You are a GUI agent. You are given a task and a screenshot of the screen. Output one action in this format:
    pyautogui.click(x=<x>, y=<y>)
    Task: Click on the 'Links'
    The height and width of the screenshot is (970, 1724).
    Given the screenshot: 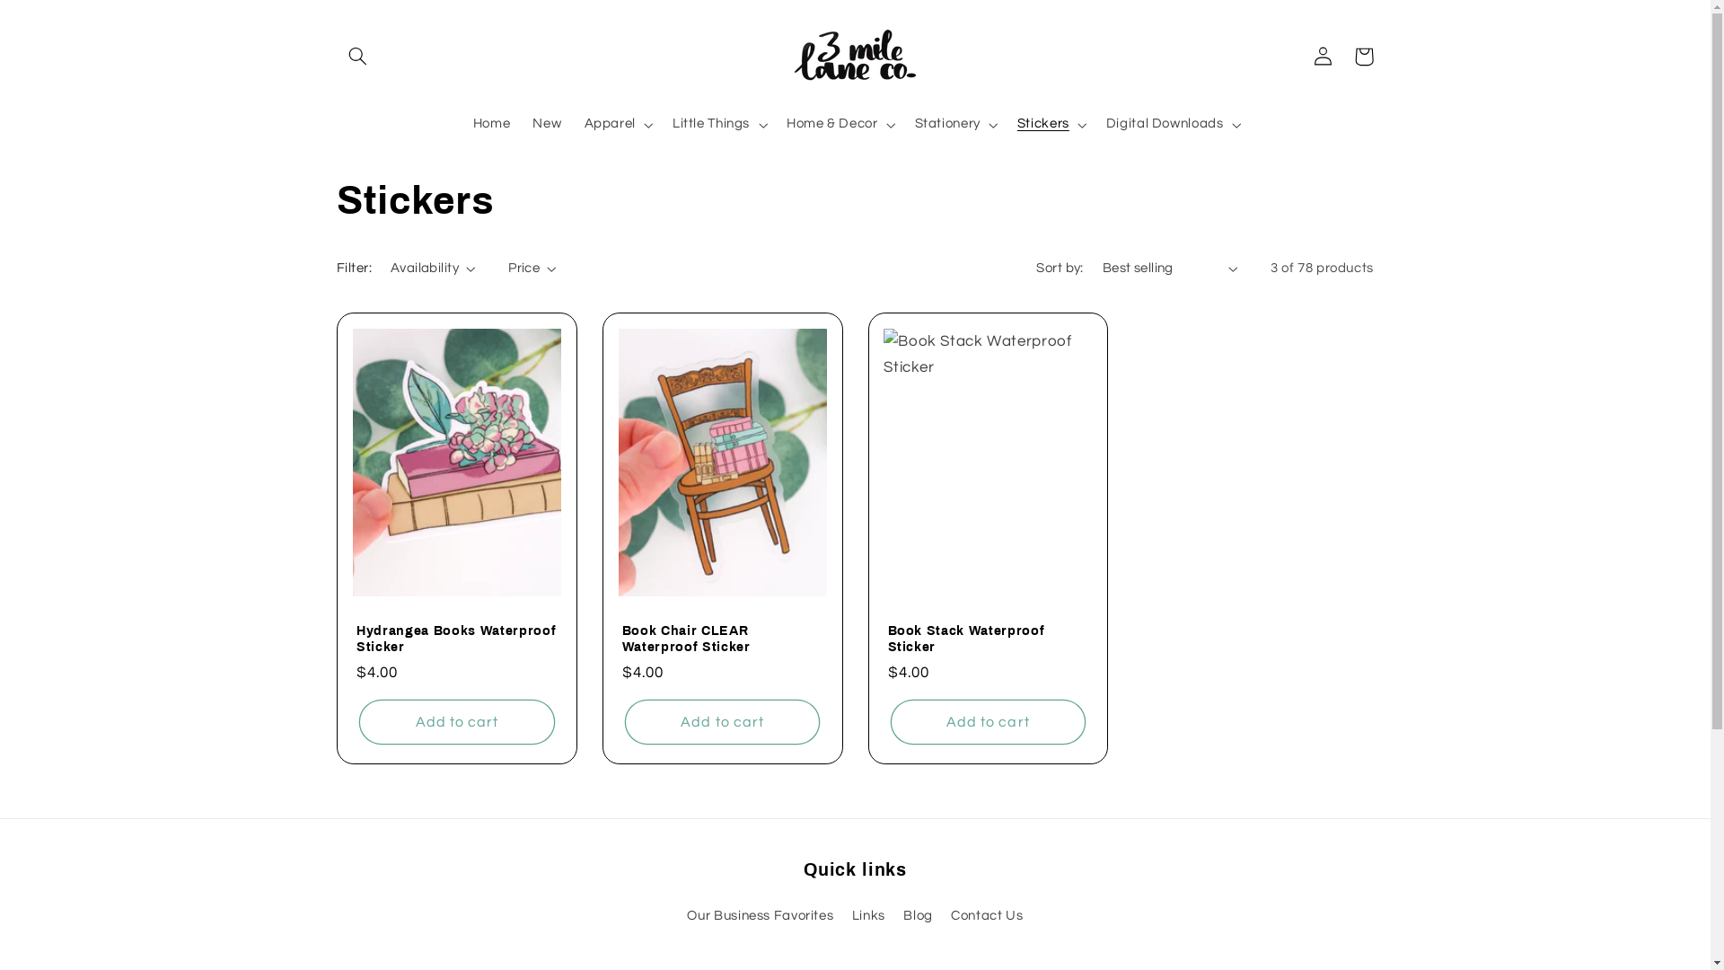 What is the action you would take?
    pyautogui.click(x=868, y=915)
    